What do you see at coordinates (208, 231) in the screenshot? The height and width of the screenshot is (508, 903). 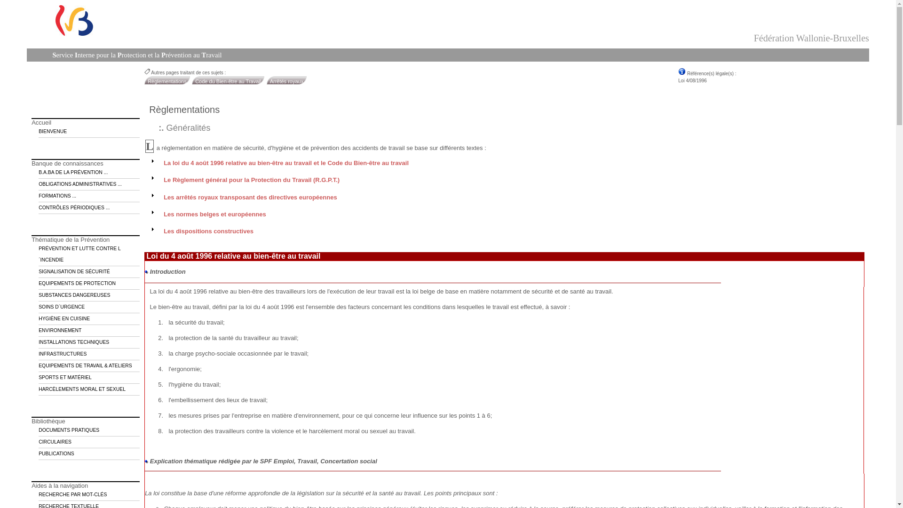 I see `'Les dispositions constructives'` at bounding box center [208, 231].